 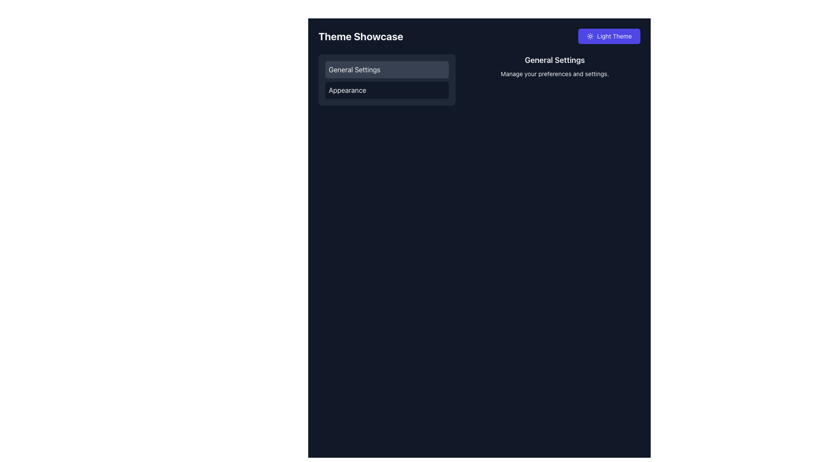 What do you see at coordinates (479, 80) in the screenshot?
I see `the Informational Display Section that describes the 'General Settings' category, located near the top-right corner of the layout adjacent to the vertical menu` at bounding box center [479, 80].